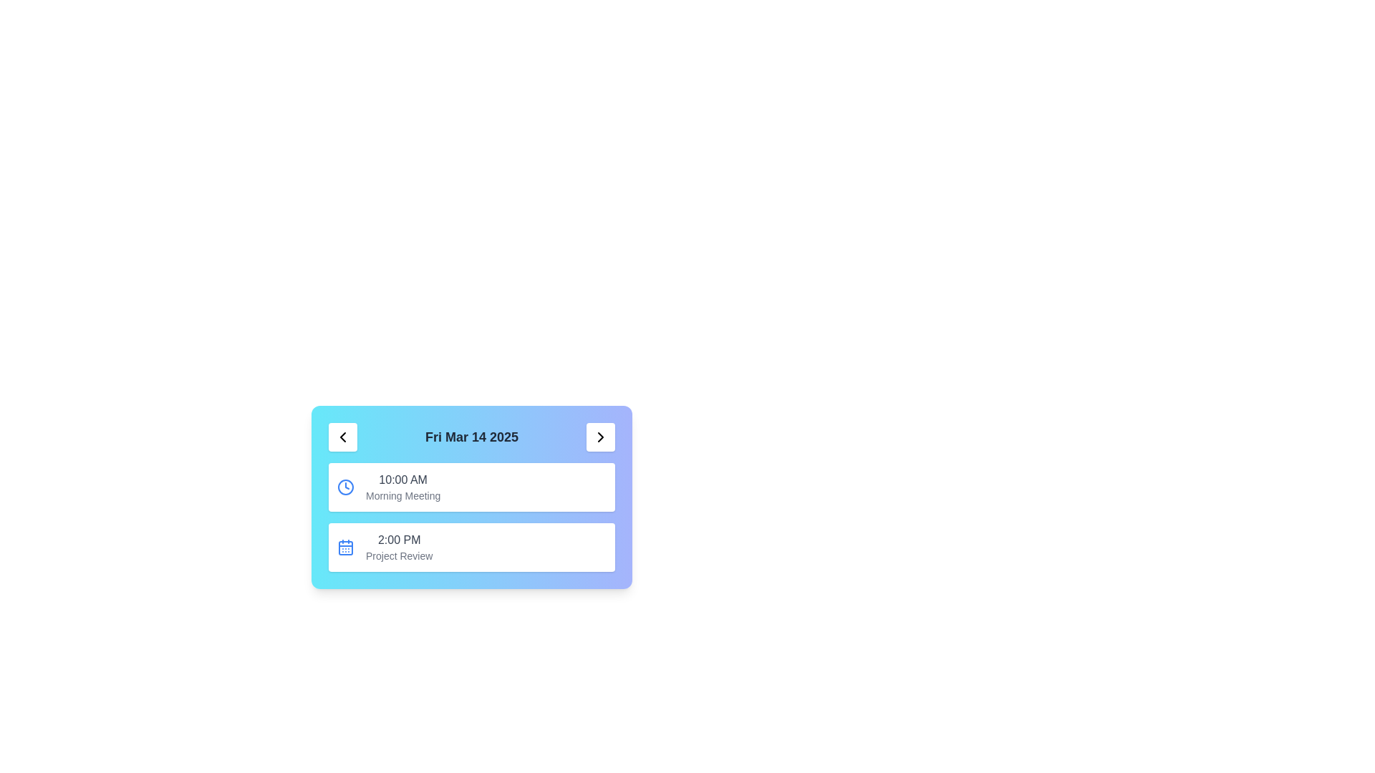  I want to click on the calendar icon located in the second event row labeled '2:00 PM Project Review', which serves as a visual indicator for a scheduled event, so click(346, 547).